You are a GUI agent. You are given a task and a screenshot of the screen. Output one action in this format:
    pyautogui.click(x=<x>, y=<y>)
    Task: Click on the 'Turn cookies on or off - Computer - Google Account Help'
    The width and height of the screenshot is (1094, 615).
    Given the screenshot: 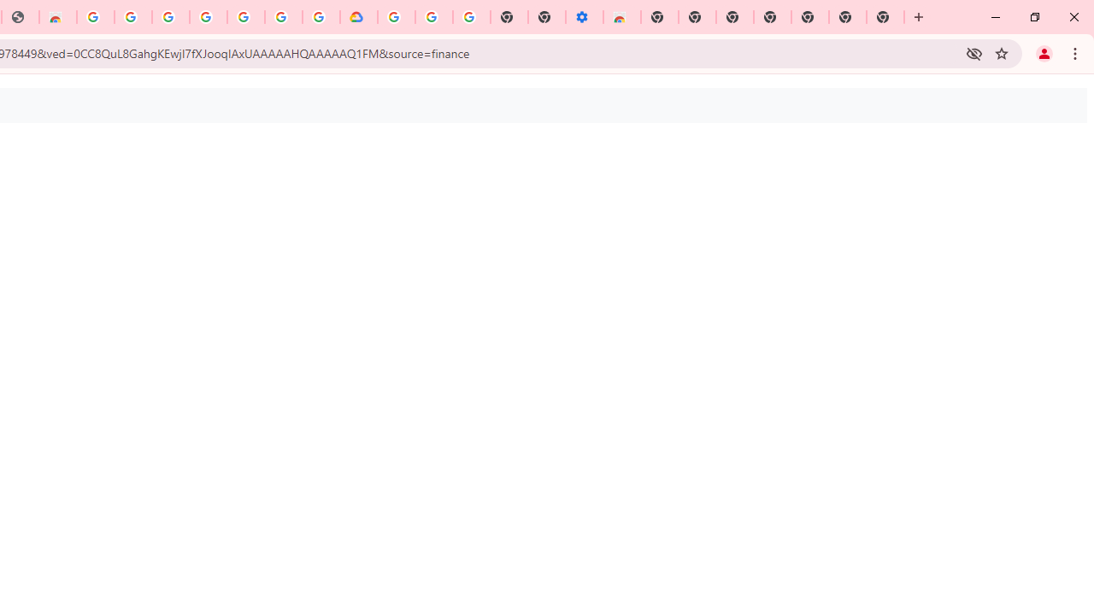 What is the action you would take?
    pyautogui.click(x=471, y=17)
    